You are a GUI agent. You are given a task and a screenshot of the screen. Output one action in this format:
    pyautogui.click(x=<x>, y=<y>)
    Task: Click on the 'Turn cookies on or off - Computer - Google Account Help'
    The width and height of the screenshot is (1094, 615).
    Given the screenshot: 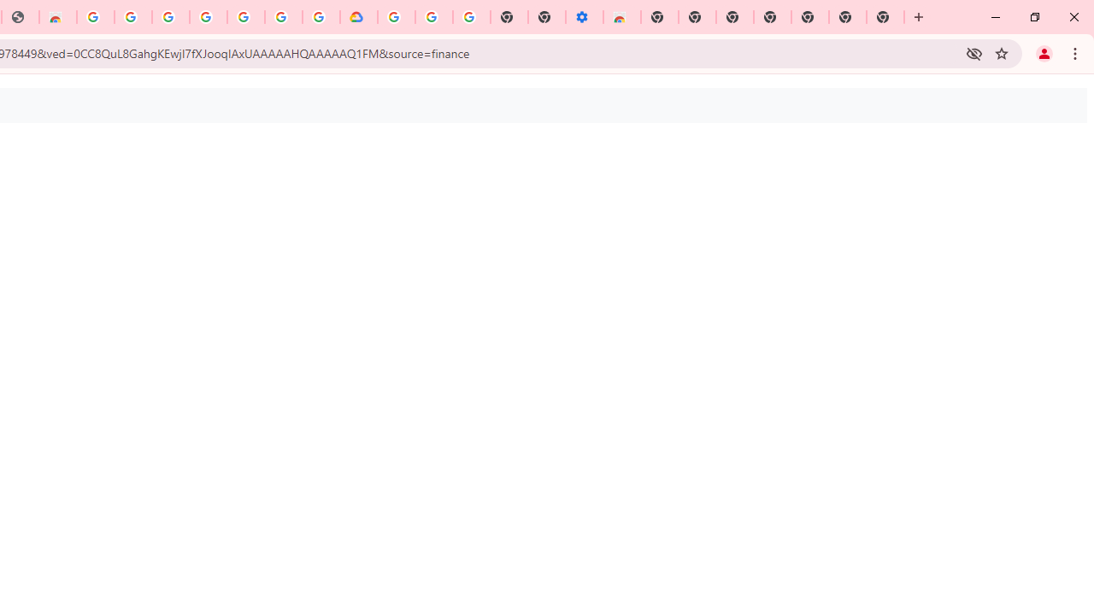 What is the action you would take?
    pyautogui.click(x=471, y=17)
    